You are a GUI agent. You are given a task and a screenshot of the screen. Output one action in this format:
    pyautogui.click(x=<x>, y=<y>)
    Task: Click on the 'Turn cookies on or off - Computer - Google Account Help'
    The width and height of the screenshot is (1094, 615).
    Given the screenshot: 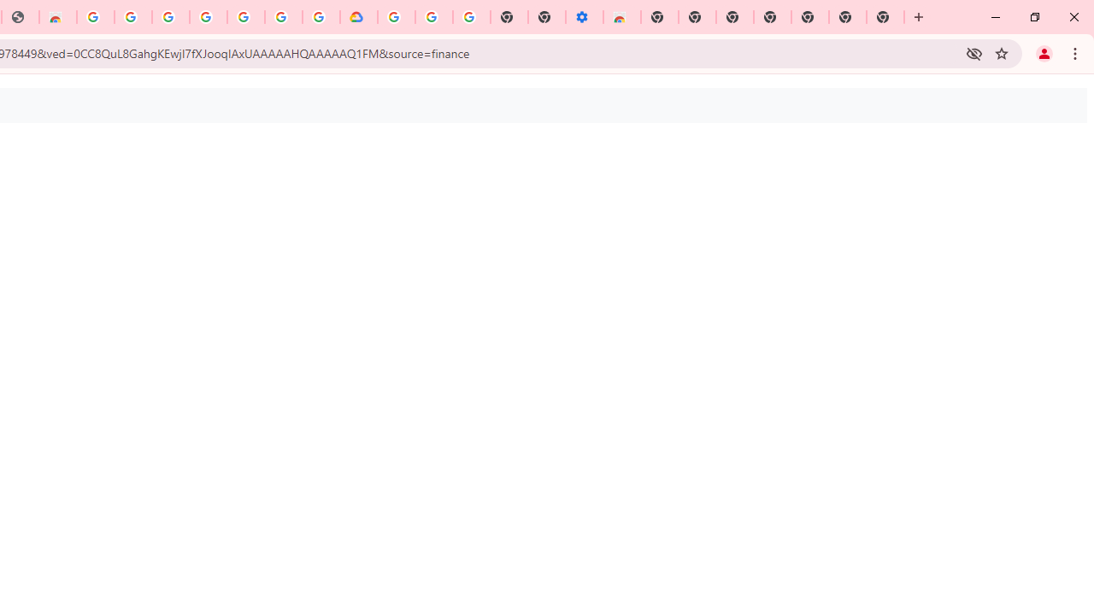 What is the action you would take?
    pyautogui.click(x=471, y=17)
    